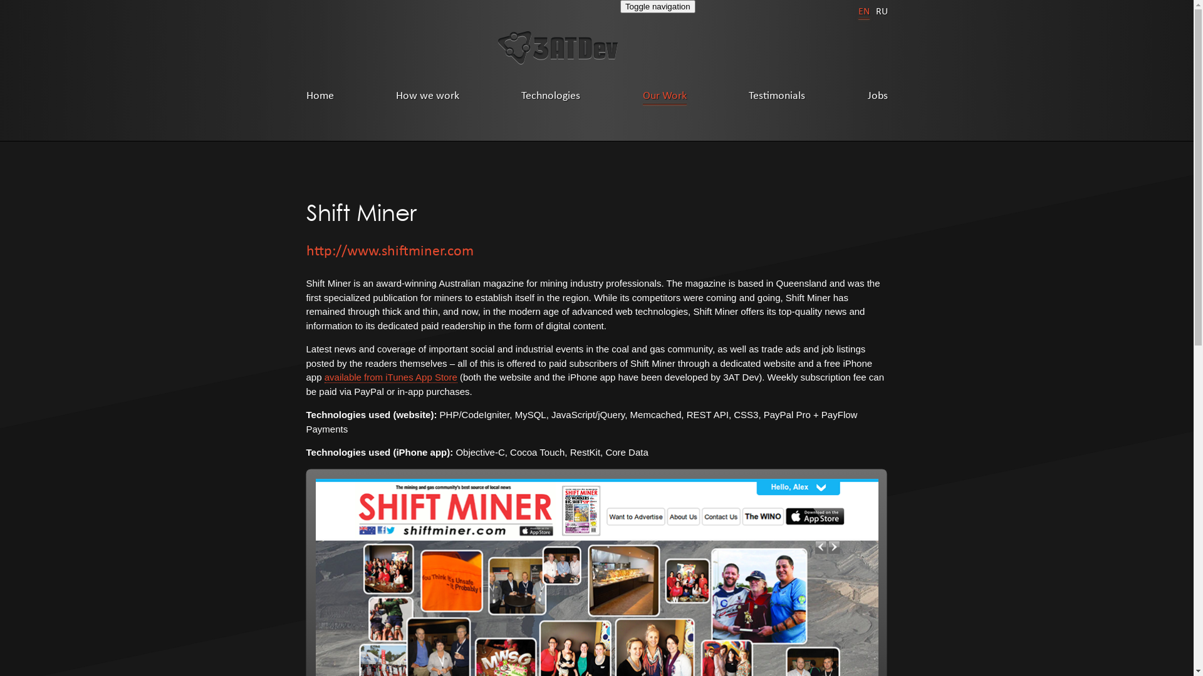 This screenshot has height=676, width=1203. What do you see at coordinates (427, 94) in the screenshot?
I see `'How we work'` at bounding box center [427, 94].